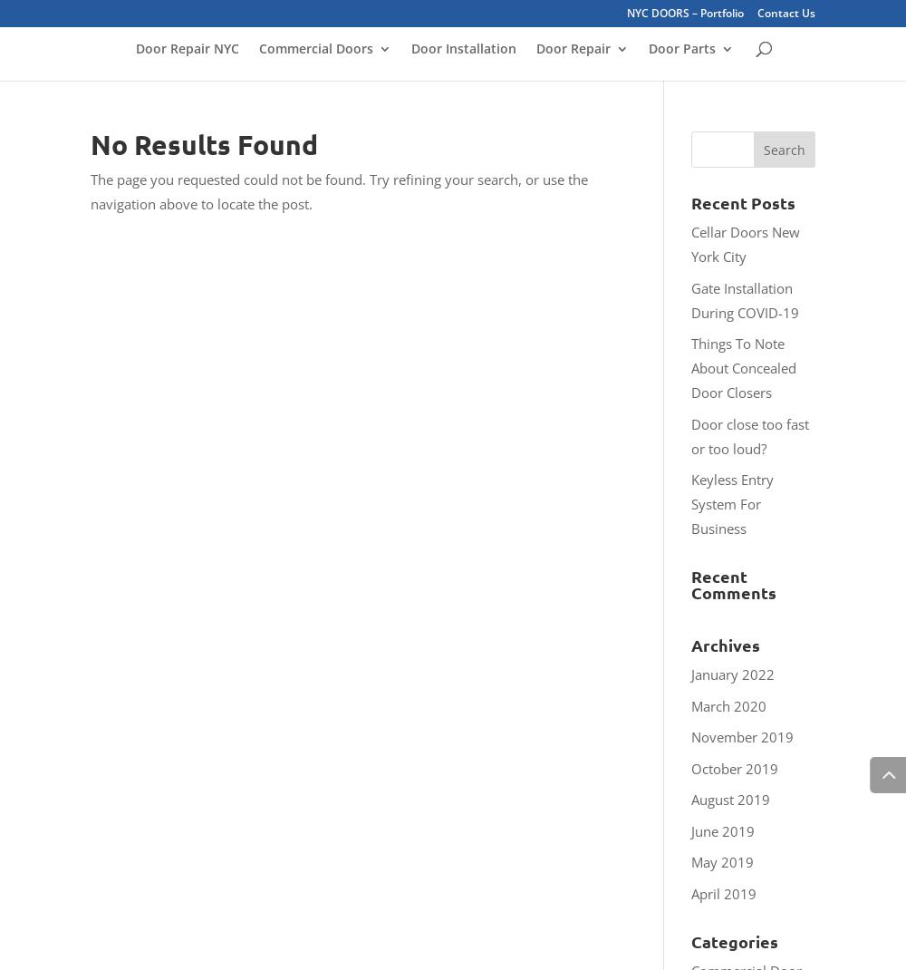  What do you see at coordinates (702, 154) in the screenshot?
I see `'Locks'` at bounding box center [702, 154].